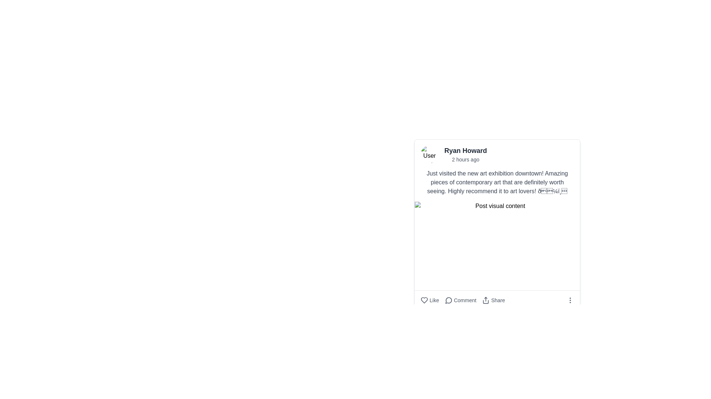  I want to click on the 'Share' button, which features a small upward-pointing arrow icon and the text 'Share', located at the bottom right of the post alongside 'Like' and 'Comment' options, so click(494, 300).